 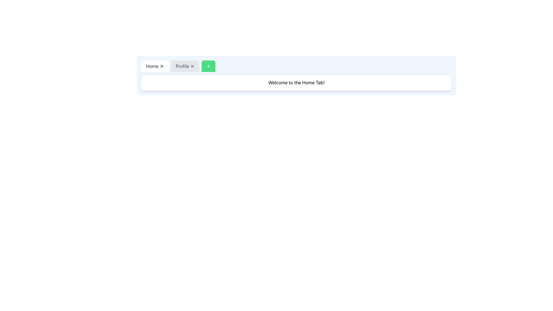 What do you see at coordinates (208, 66) in the screenshot?
I see `the small green button with rounded top edges and a white plus icon located to the right of the 'Profile ×' tab in the navigation bar` at bounding box center [208, 66].